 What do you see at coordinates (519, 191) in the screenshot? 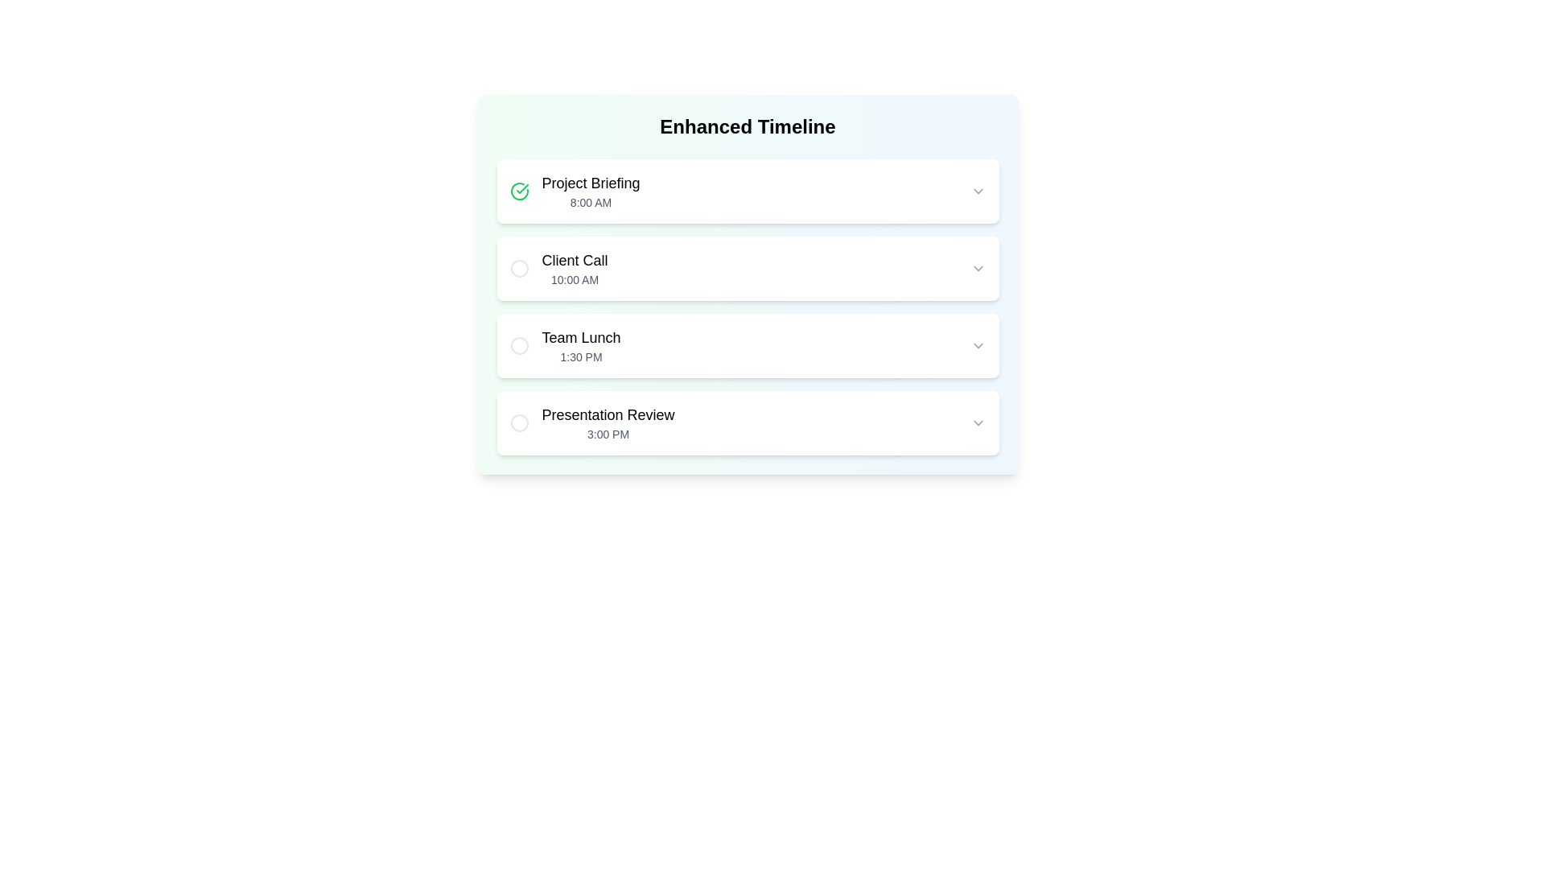
I see `the checkmark icon that signifies a completed status for the 'Project Briefing' entry, located in the timeline interface` at bounding box center [519, 191].